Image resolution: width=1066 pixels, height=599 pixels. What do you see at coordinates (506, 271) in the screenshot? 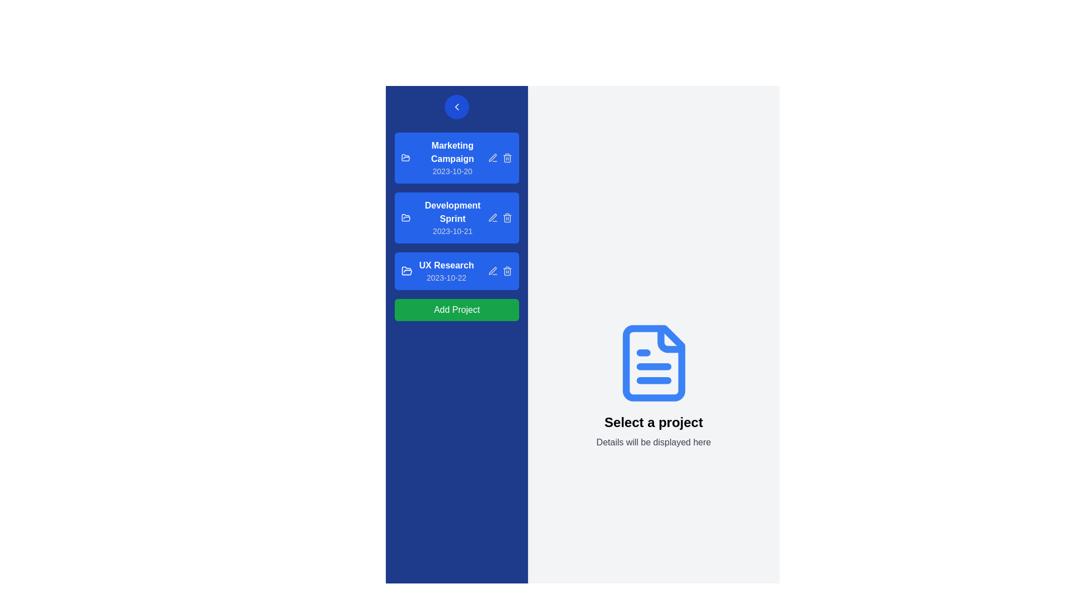
I see `the delete button icon resembling a trash bin, which is located at the far right of the 'UX Research 2023-10-22' card in the left panel` at bounding box center [506, 271].